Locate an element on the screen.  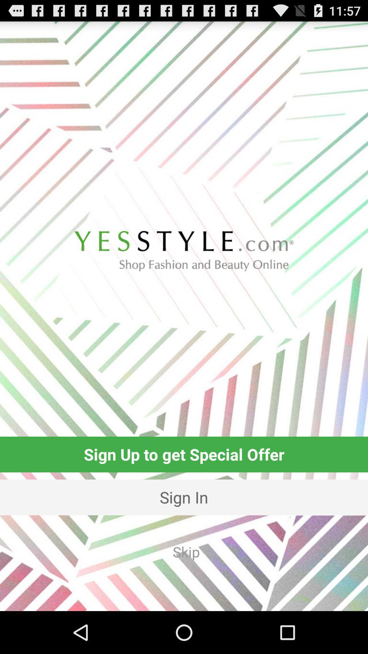
the sign in icon is located at coordinates (184, 497).